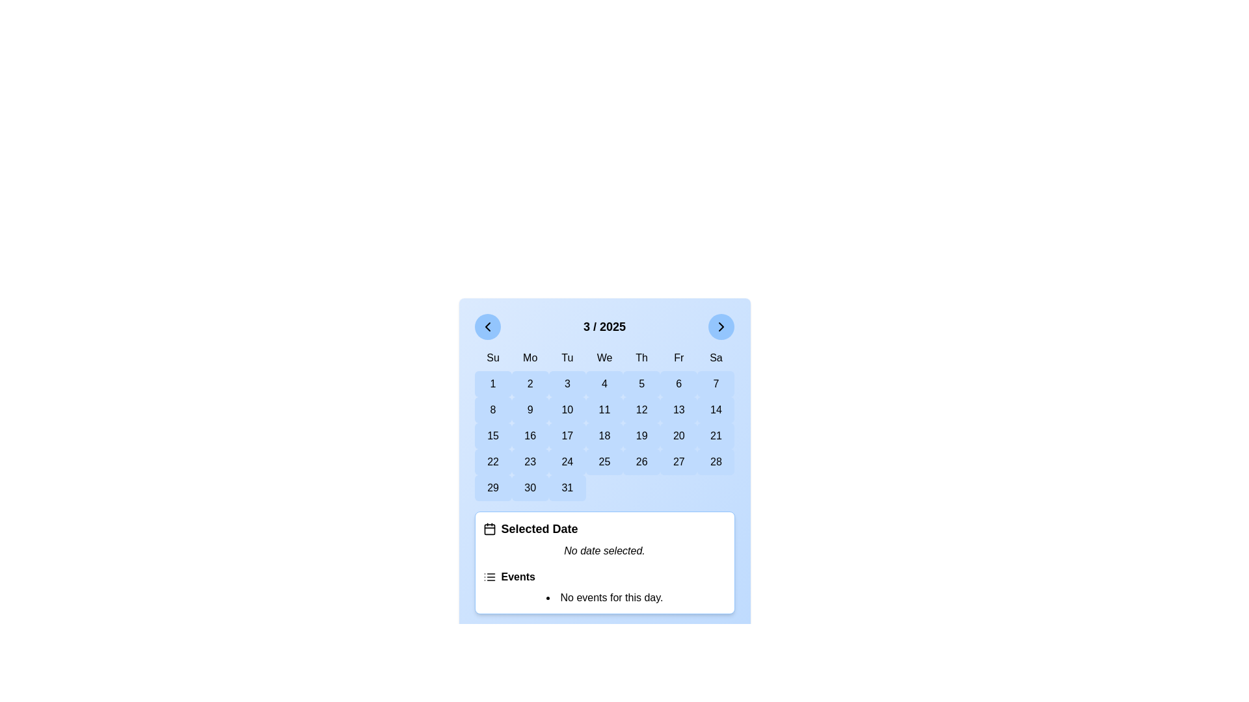 The width and height of the screenshot is (1249, 702). Describe the element at coordinates (641, 383) in the screenshot. I see `the blue rectangular button displaying the number '5' in black text, located in the fifth column of the second row of the calendar view` at that location.